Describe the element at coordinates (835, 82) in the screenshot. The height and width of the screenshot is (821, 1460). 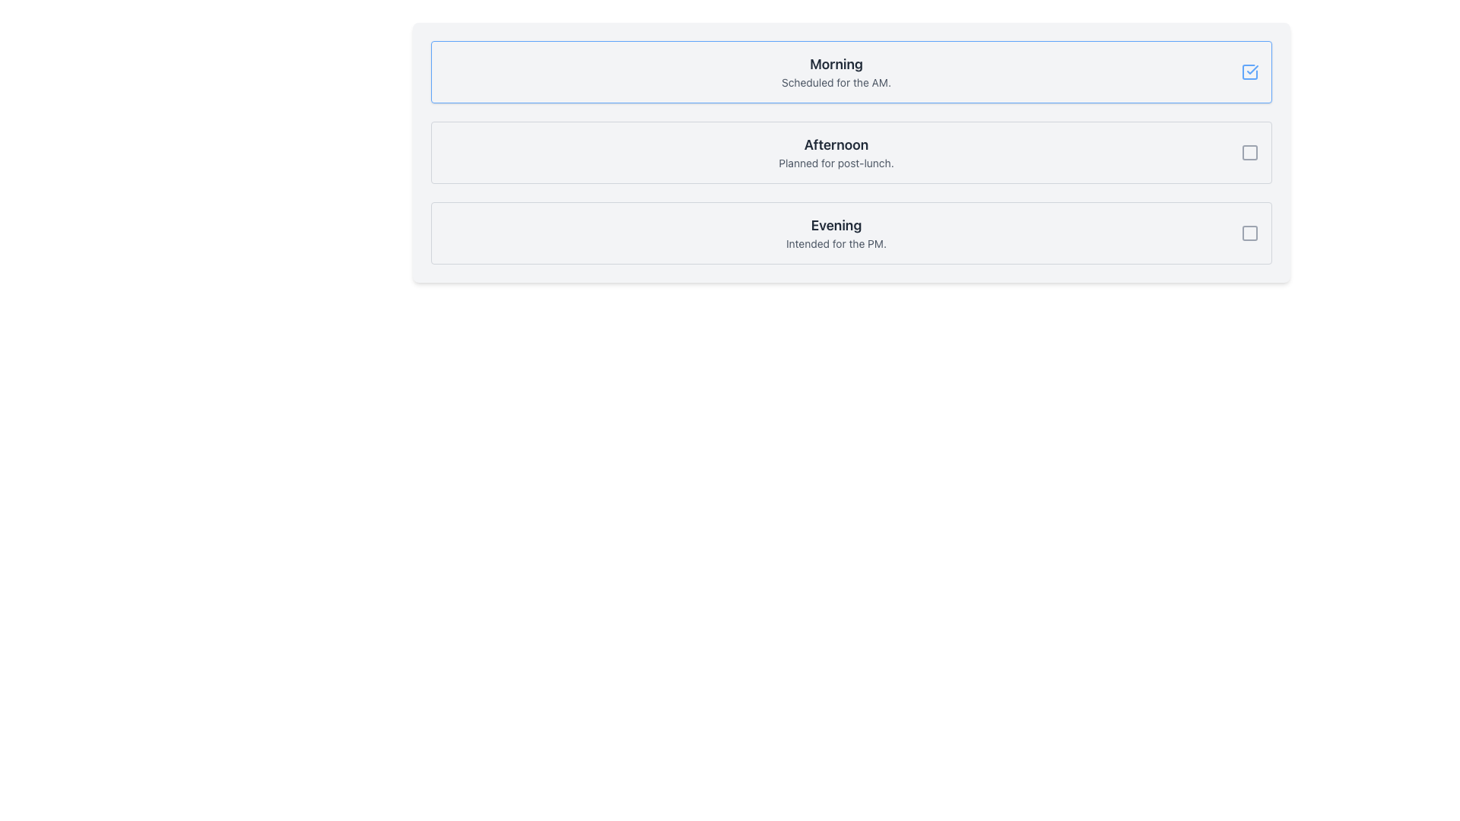
I see `the static text label 'Scheduled for the AM.' which is styled in a small gray font and located directly below the larger label 'Morning'` at that location.